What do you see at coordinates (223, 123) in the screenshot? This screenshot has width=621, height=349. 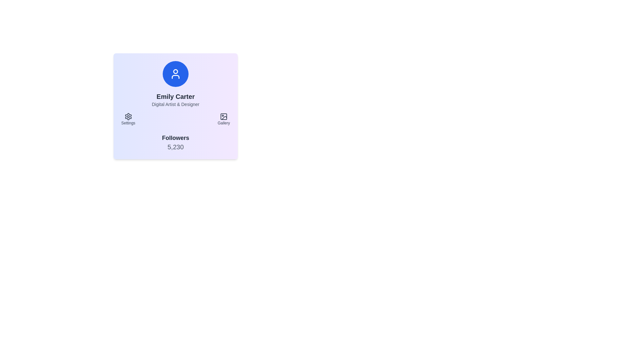 I see `the text label 'Gallery' which is a small text field styled in dark color and positioned at the bottom right of the user profile section` at bounding box center [223, 123].